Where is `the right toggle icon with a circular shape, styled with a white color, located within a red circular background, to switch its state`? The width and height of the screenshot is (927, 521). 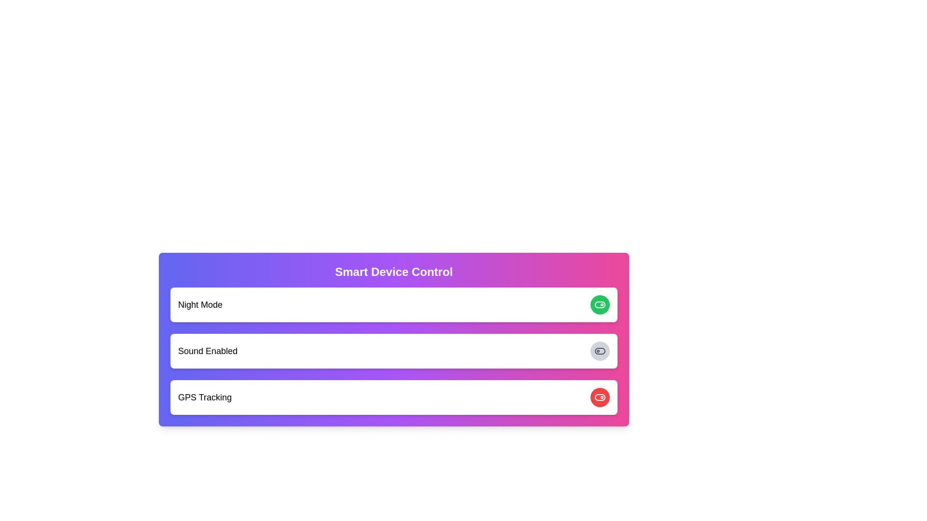 the right toggle icon with a circular shape, styled with a white color, located within a red circular background, to switch its state is located at coordinates (600, 398).